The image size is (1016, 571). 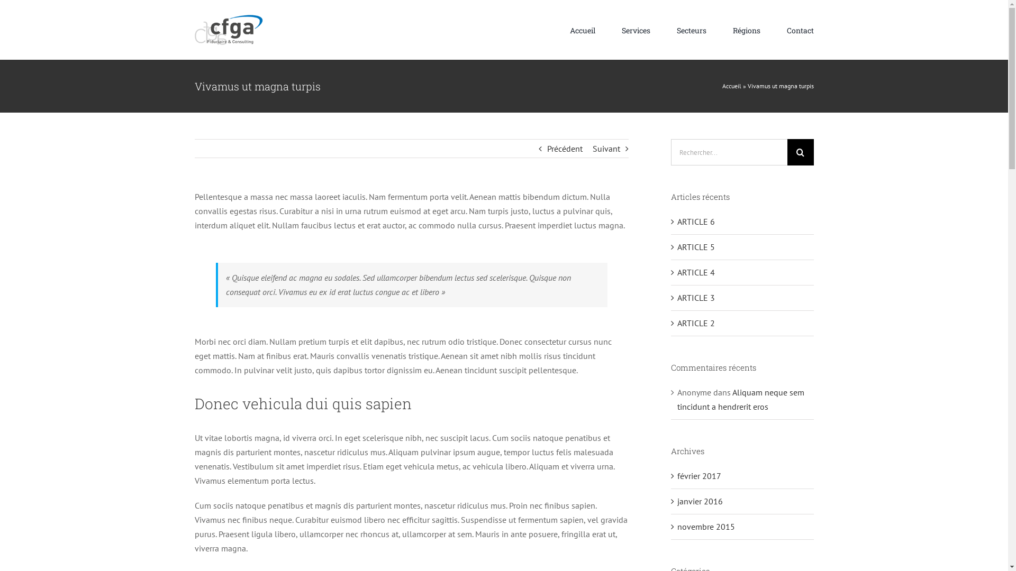 I want to click on 'Contact', so click(x=787, y=30).